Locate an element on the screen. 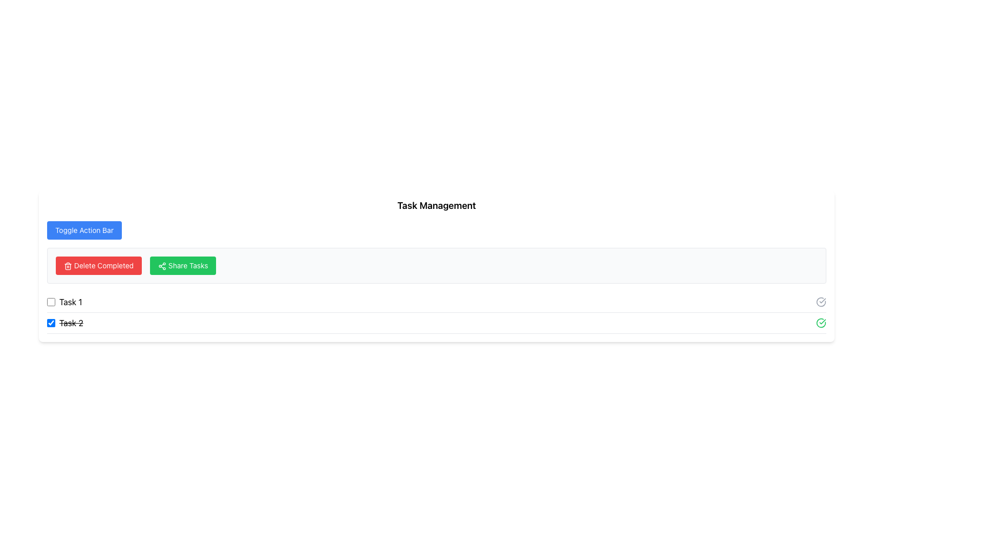 This screenshot has height=553, width=983. the checkbox for the first task item in the task management section is located at coordinates (64, 302).